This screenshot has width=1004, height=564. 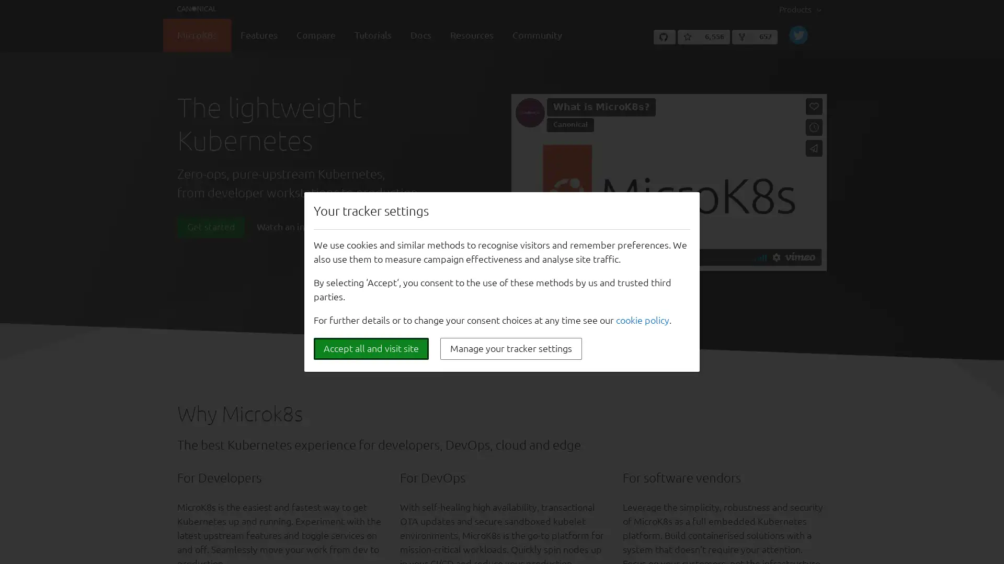 I want to click on Accept all and visit site, so click(x=371, y=348).